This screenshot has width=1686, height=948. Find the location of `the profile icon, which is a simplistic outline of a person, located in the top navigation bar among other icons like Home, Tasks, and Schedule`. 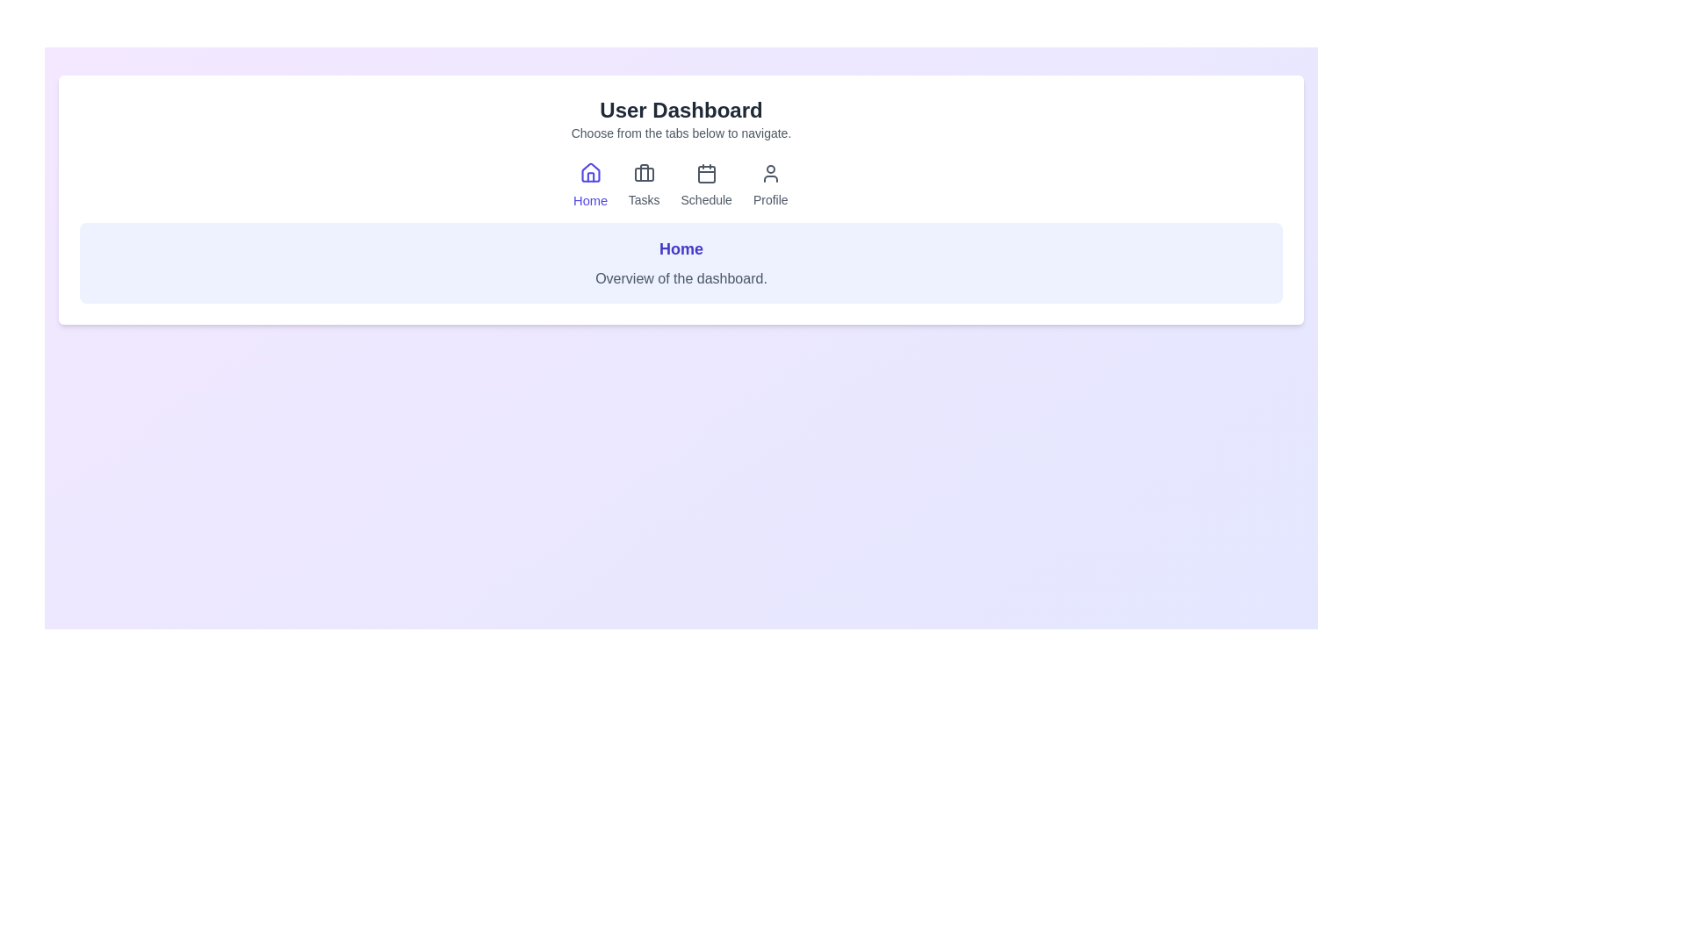

the profile icon, which is a simplistic outline of a person, located in the top navigation bar among other icons like Home, Tasks, and Schedule is located at coordinates (770, 173).